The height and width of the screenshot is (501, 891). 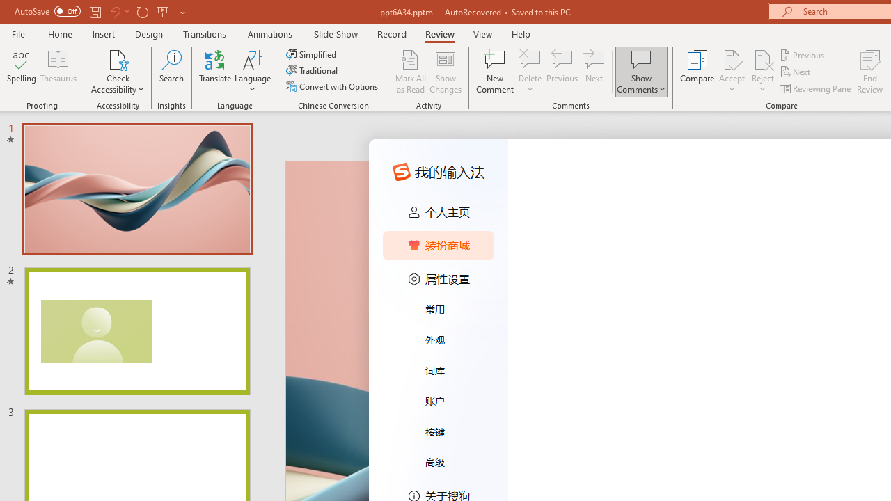 I want to click on 'New Comment', so click(x=495, y=72).